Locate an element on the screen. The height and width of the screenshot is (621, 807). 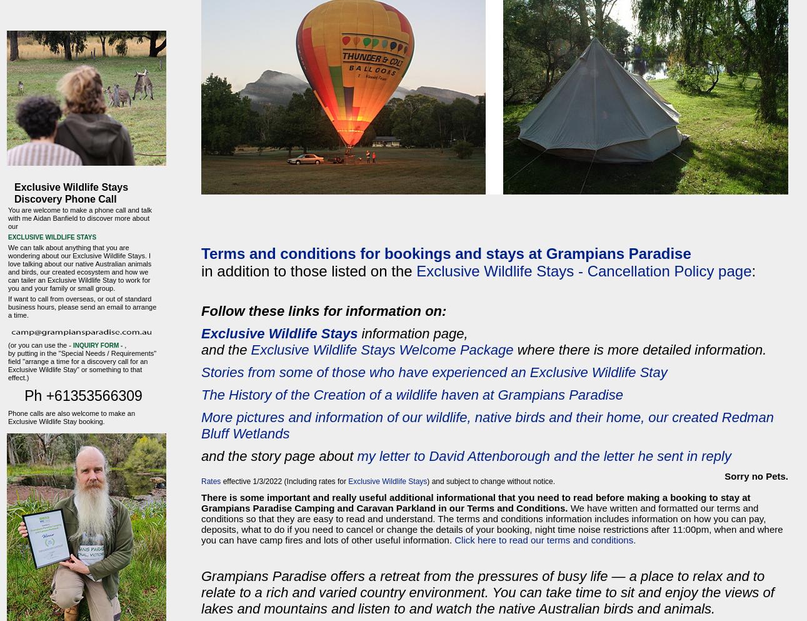
'Rates' is located at coordinates (211, 480).